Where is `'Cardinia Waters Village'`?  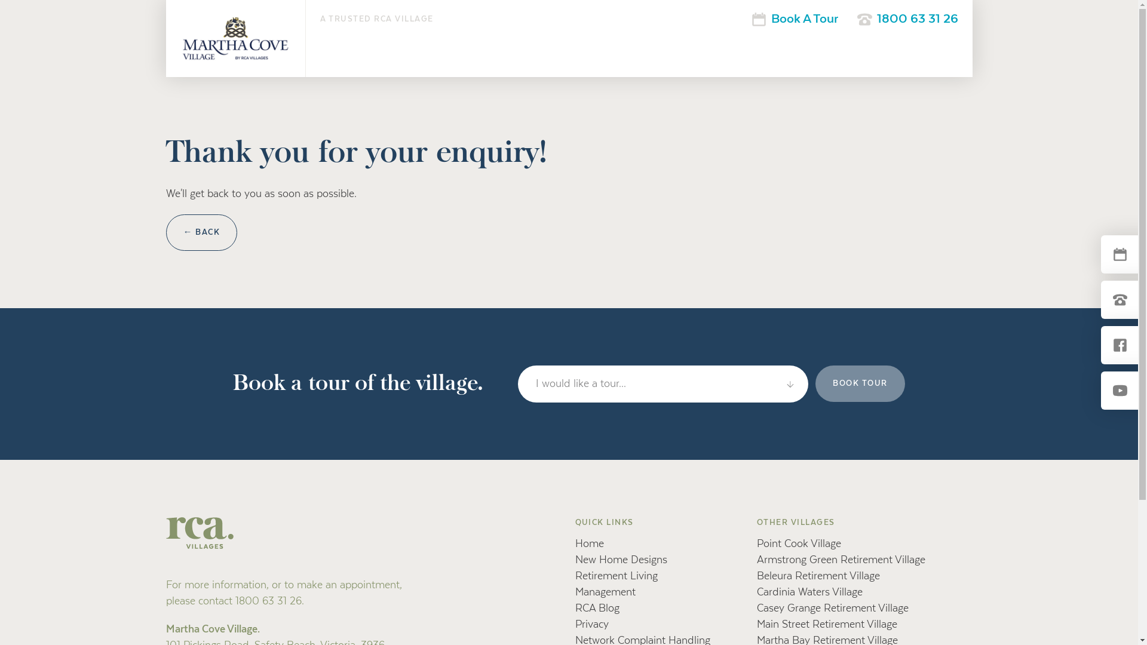
'Cardinia Waters Village' is located at coordinates (809, 592).